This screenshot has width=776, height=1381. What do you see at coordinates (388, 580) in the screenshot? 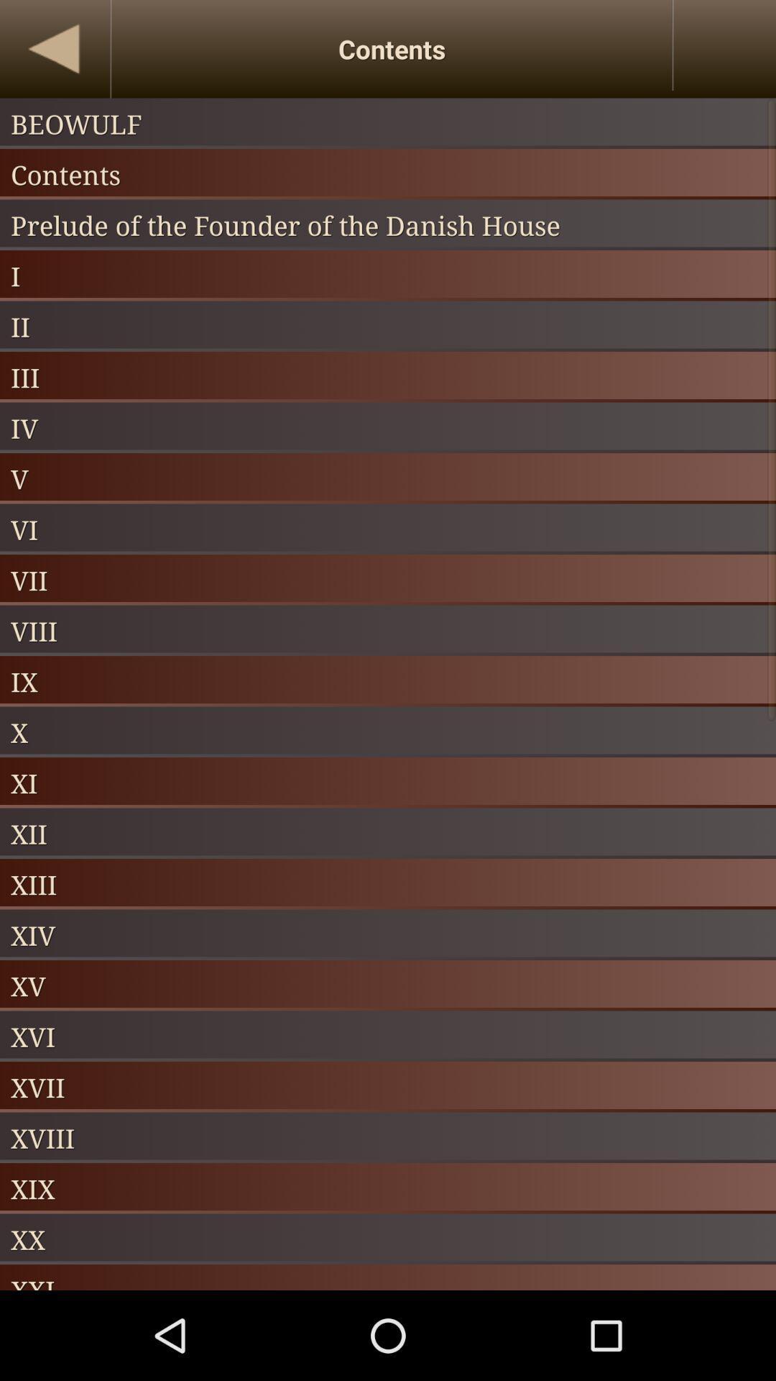
I see `app below vi` at bounding box center [388, 580].